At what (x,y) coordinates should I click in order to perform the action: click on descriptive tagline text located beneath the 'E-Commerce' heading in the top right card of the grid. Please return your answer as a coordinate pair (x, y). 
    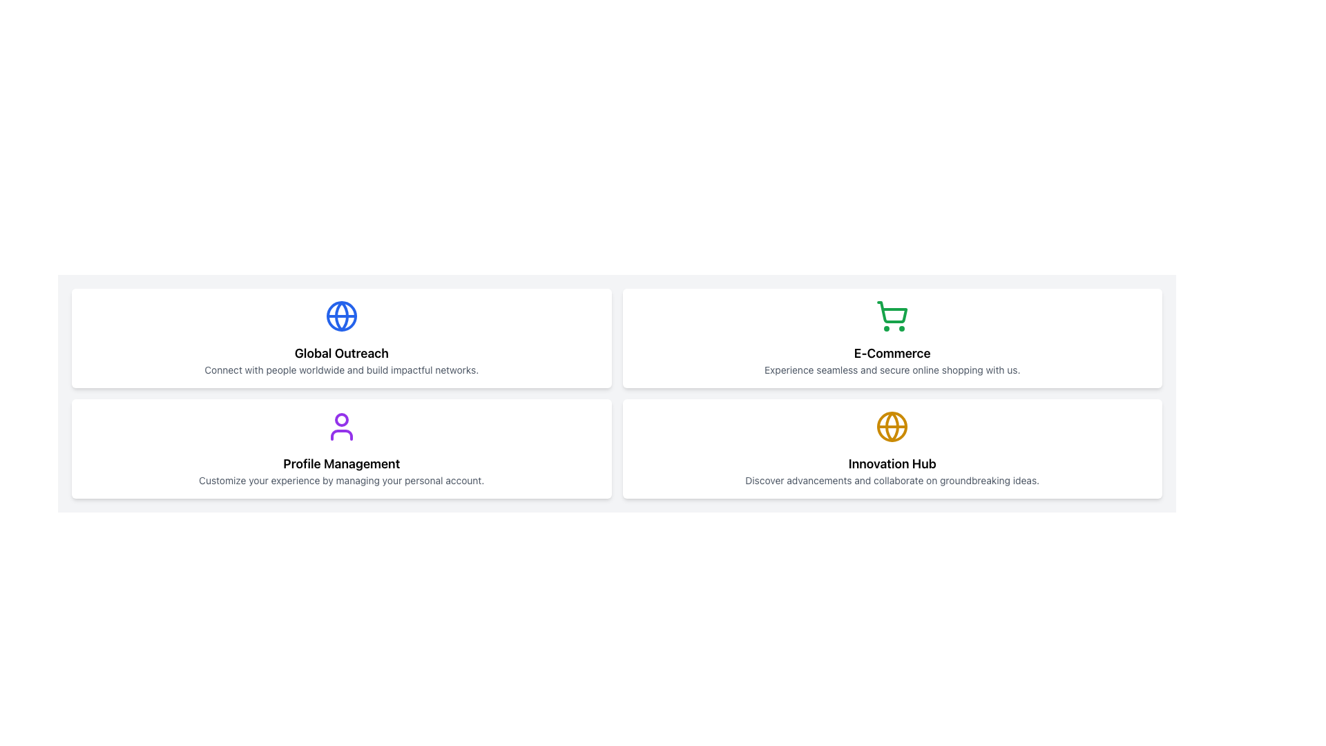
    Looking at the image, I should click on (892, 370).